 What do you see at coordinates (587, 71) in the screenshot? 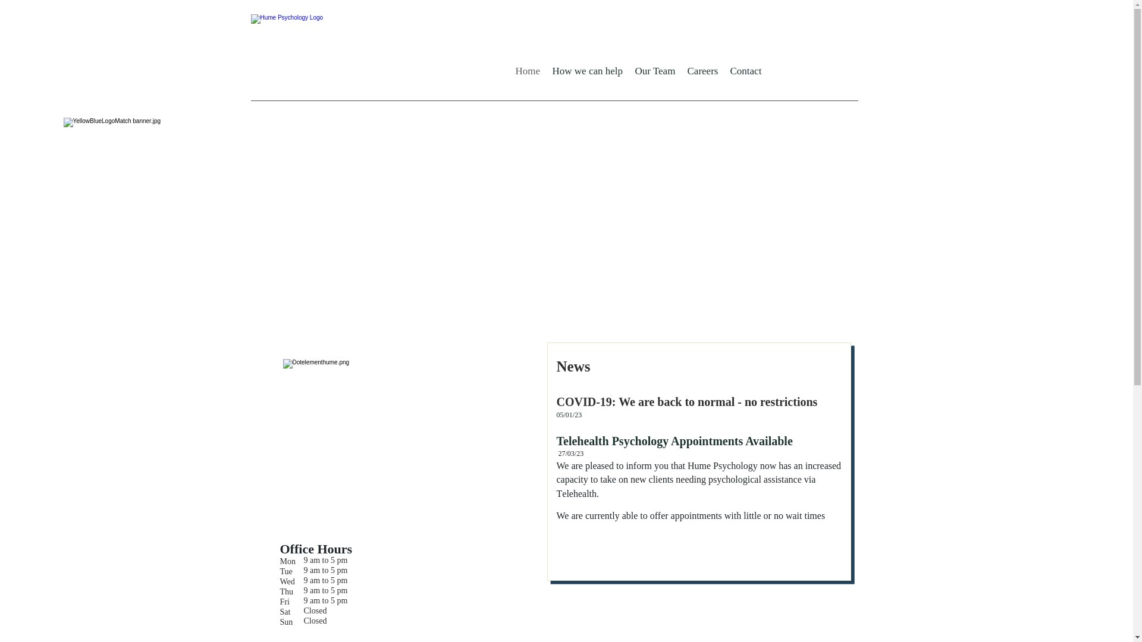
I see `'How we can help'` at bounding box center [587, 71].